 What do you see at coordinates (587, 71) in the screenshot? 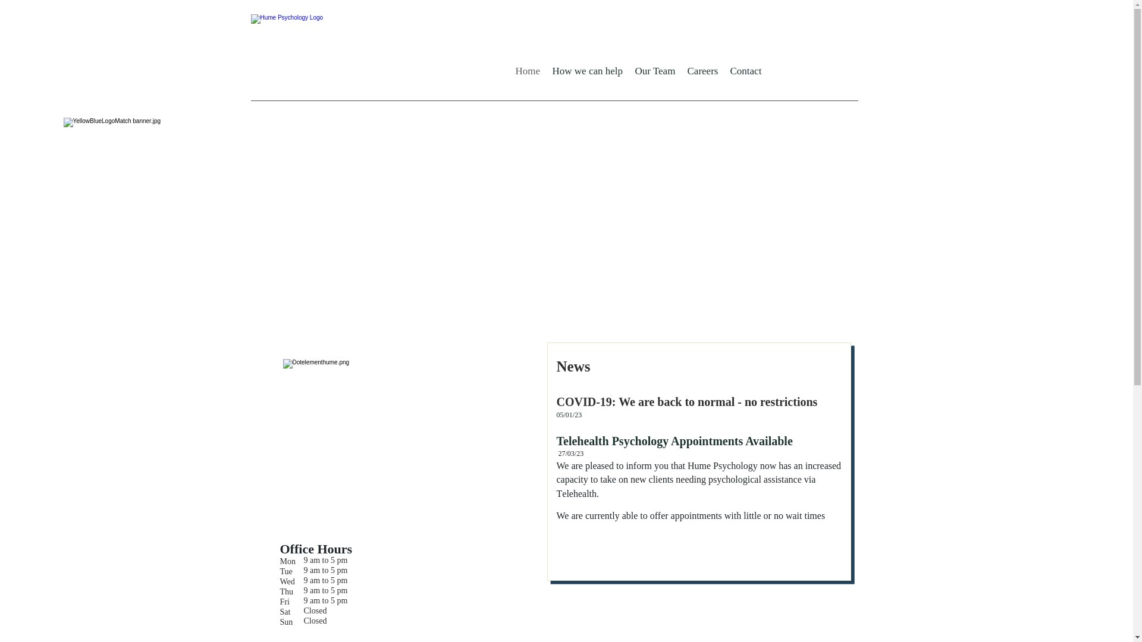
I see `'How we can help'` at bounding box center [587, 71].